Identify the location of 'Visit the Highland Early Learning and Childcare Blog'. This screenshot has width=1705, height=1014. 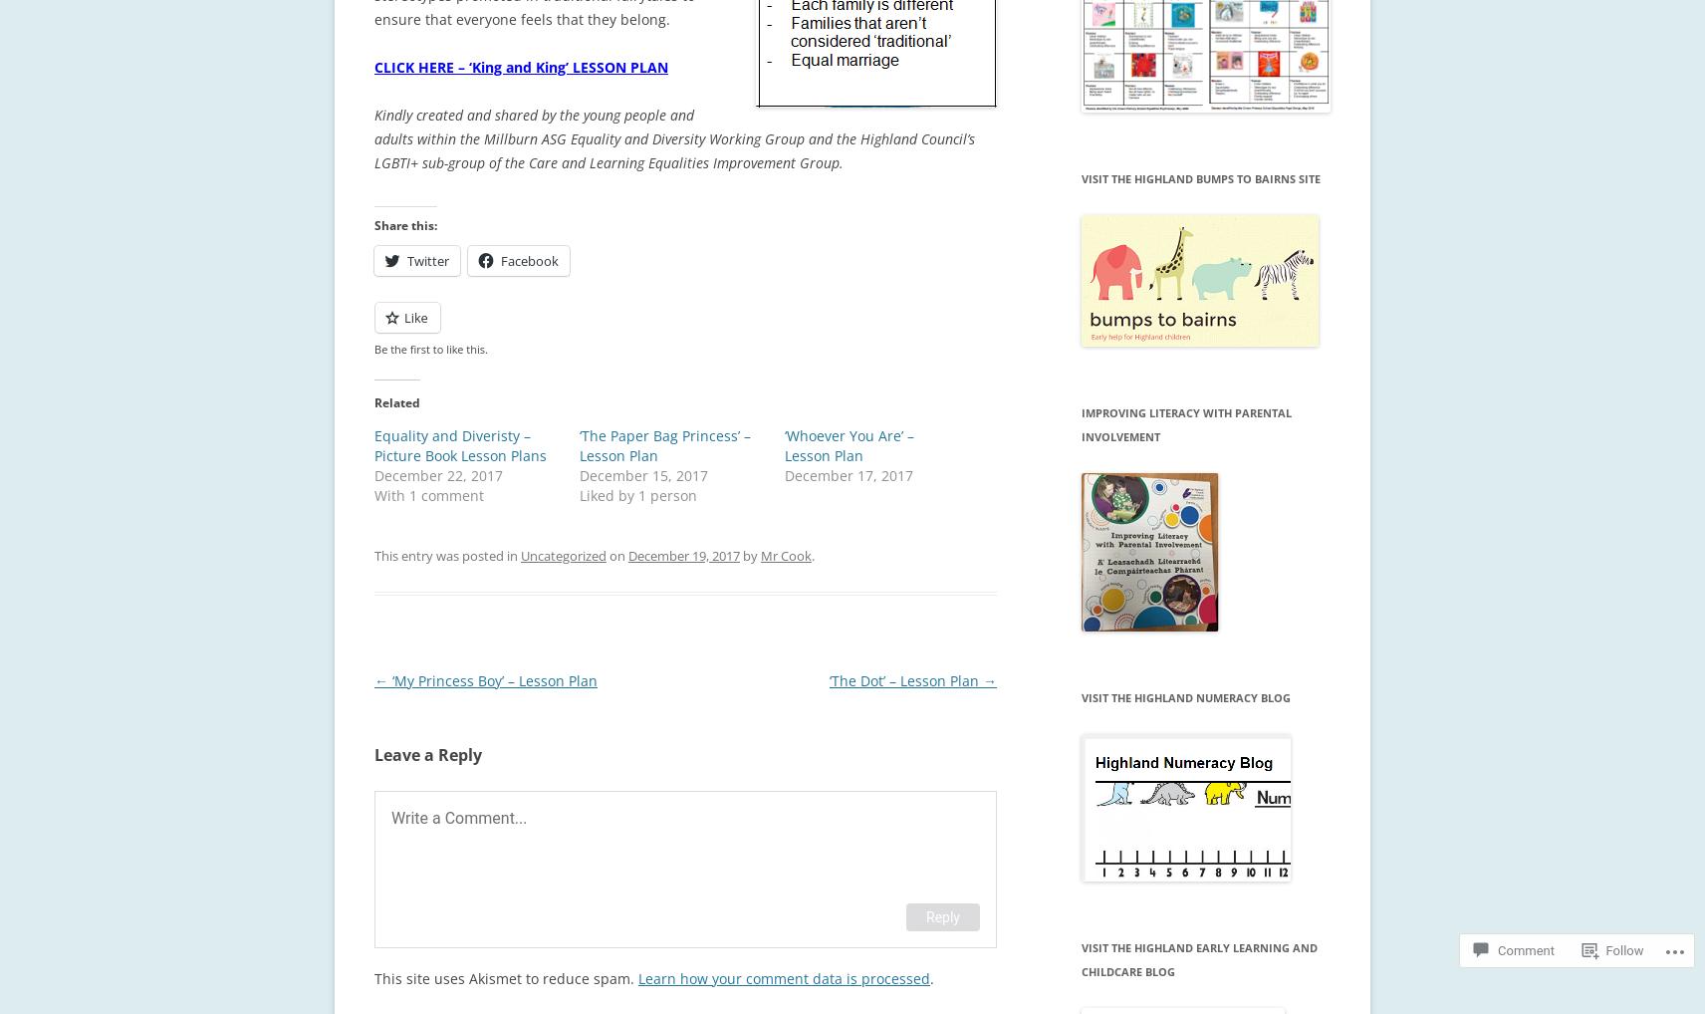
(1199, 958).